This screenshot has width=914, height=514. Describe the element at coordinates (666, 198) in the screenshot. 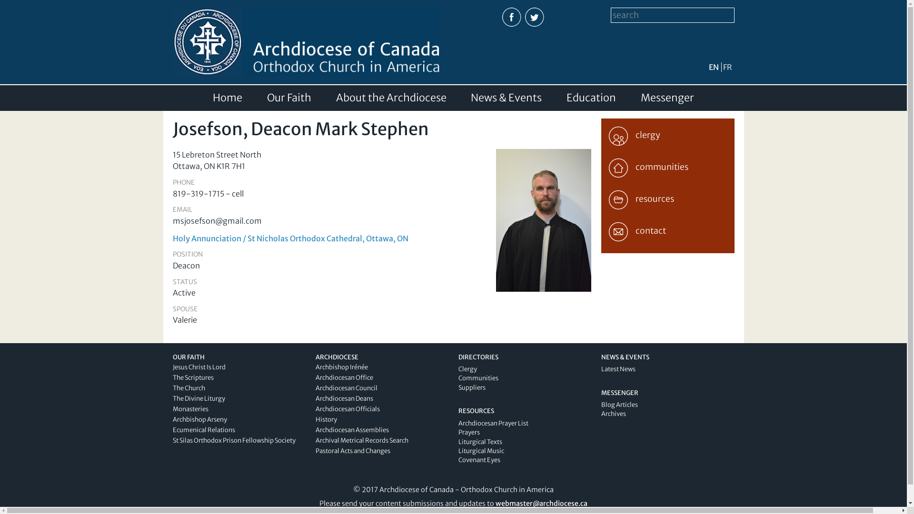

I see `'resources'` at that location.